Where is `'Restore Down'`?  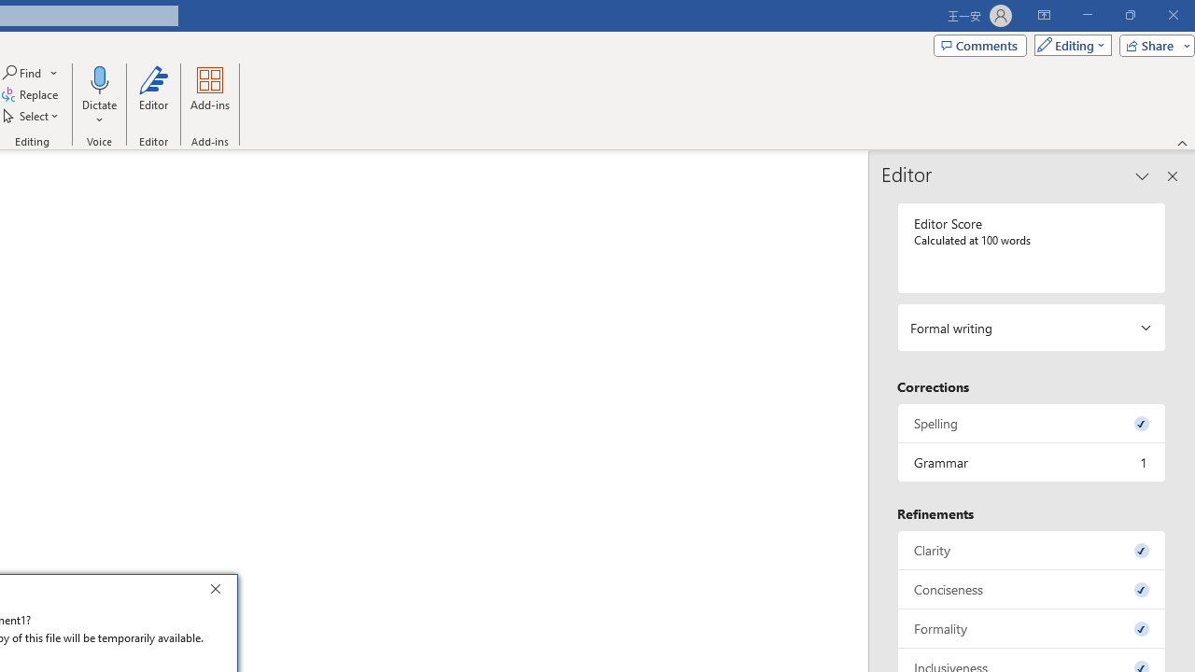 'Restore Down' is located at coordinates (1129, 15).